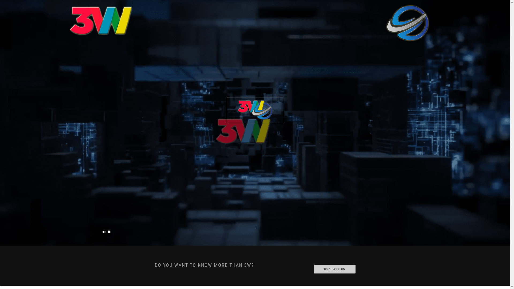 The width and height of the screenshot is (514, 289). Describe the element at coordinates (109, 232) in the screenshot. I see `' '` at that location.